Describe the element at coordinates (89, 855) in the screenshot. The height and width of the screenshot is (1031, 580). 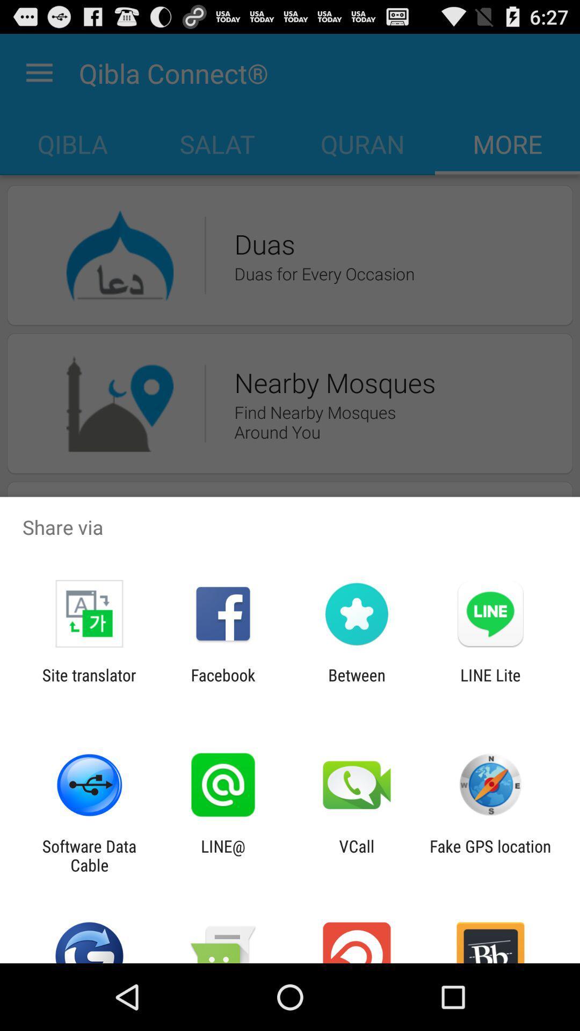
I see `the software data cable icon` at that location.